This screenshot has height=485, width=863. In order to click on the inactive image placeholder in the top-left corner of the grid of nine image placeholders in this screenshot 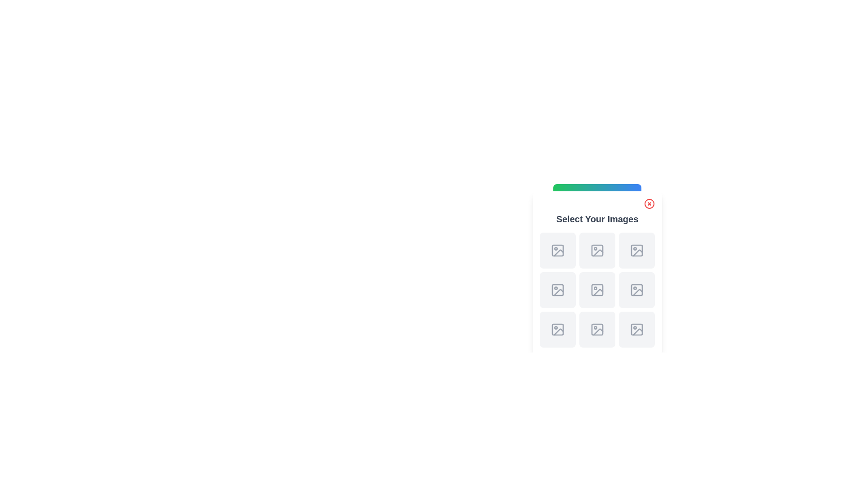, I will do `click(557, 251)`.